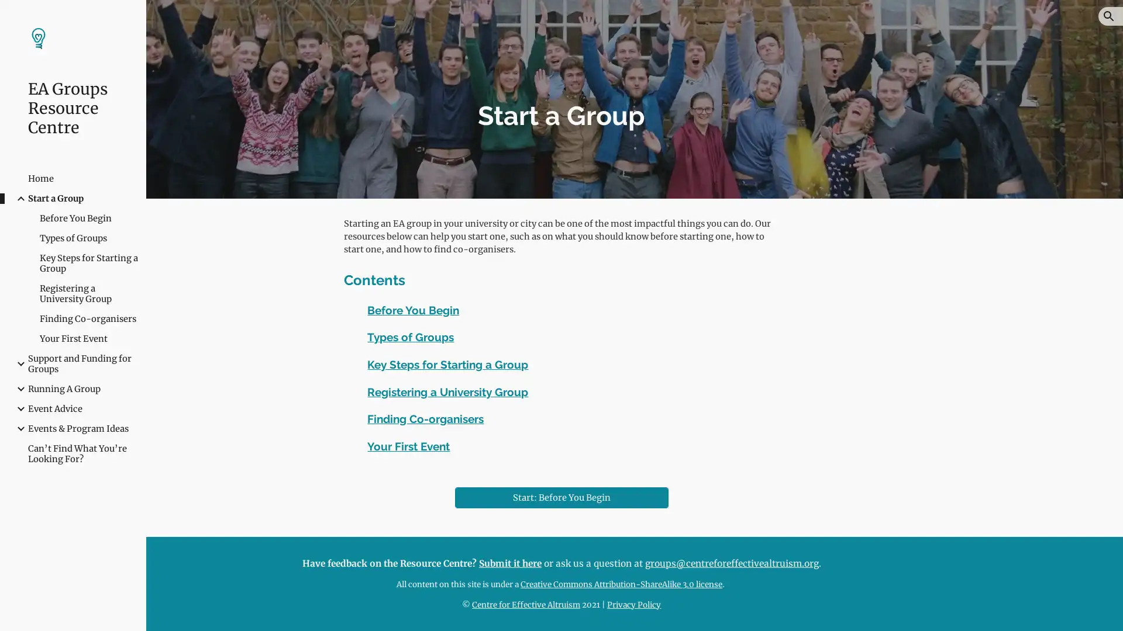  What do you see at coordinates (539, 337) in the screenshot?
I see `Copy heading link` at bounding box center [539, 337].